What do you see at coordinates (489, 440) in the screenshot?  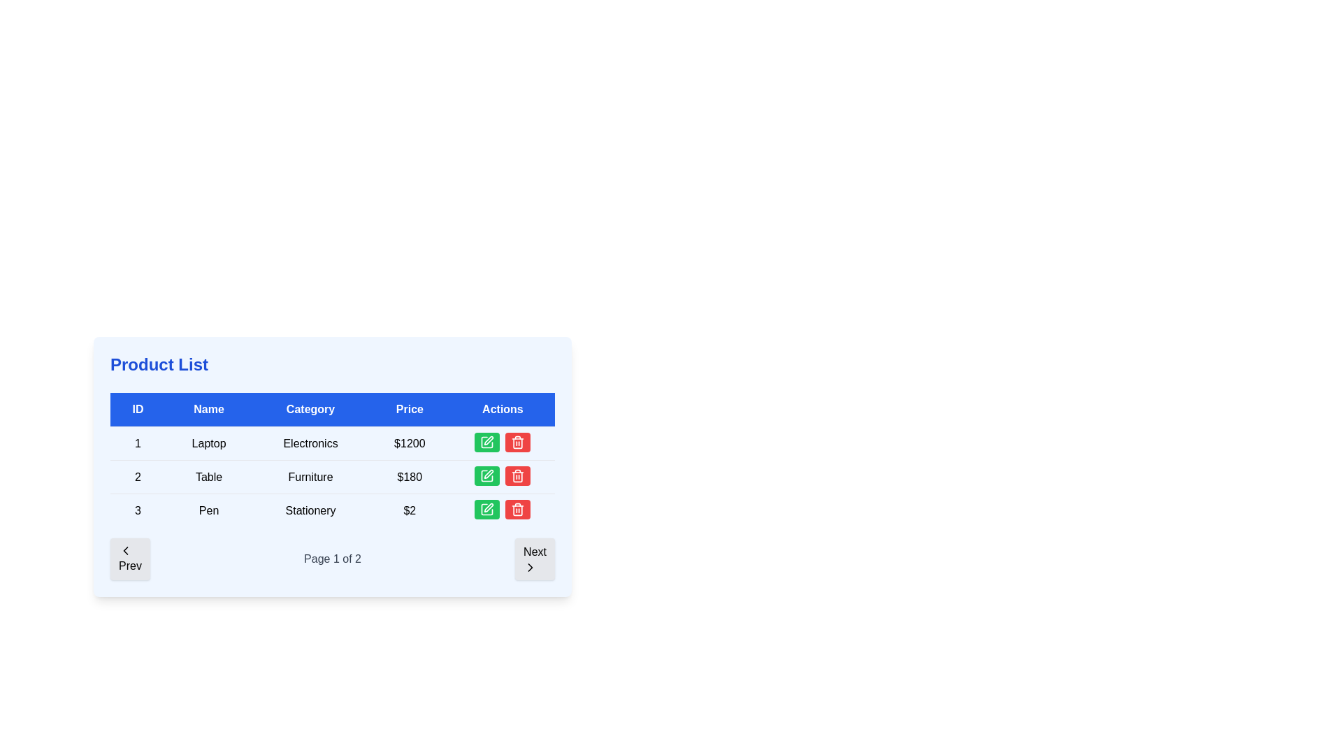 I see `the green button with a pen icon located in the 'Actions' column of the first product row ('Laptop')` at bounding box center [489, 440].